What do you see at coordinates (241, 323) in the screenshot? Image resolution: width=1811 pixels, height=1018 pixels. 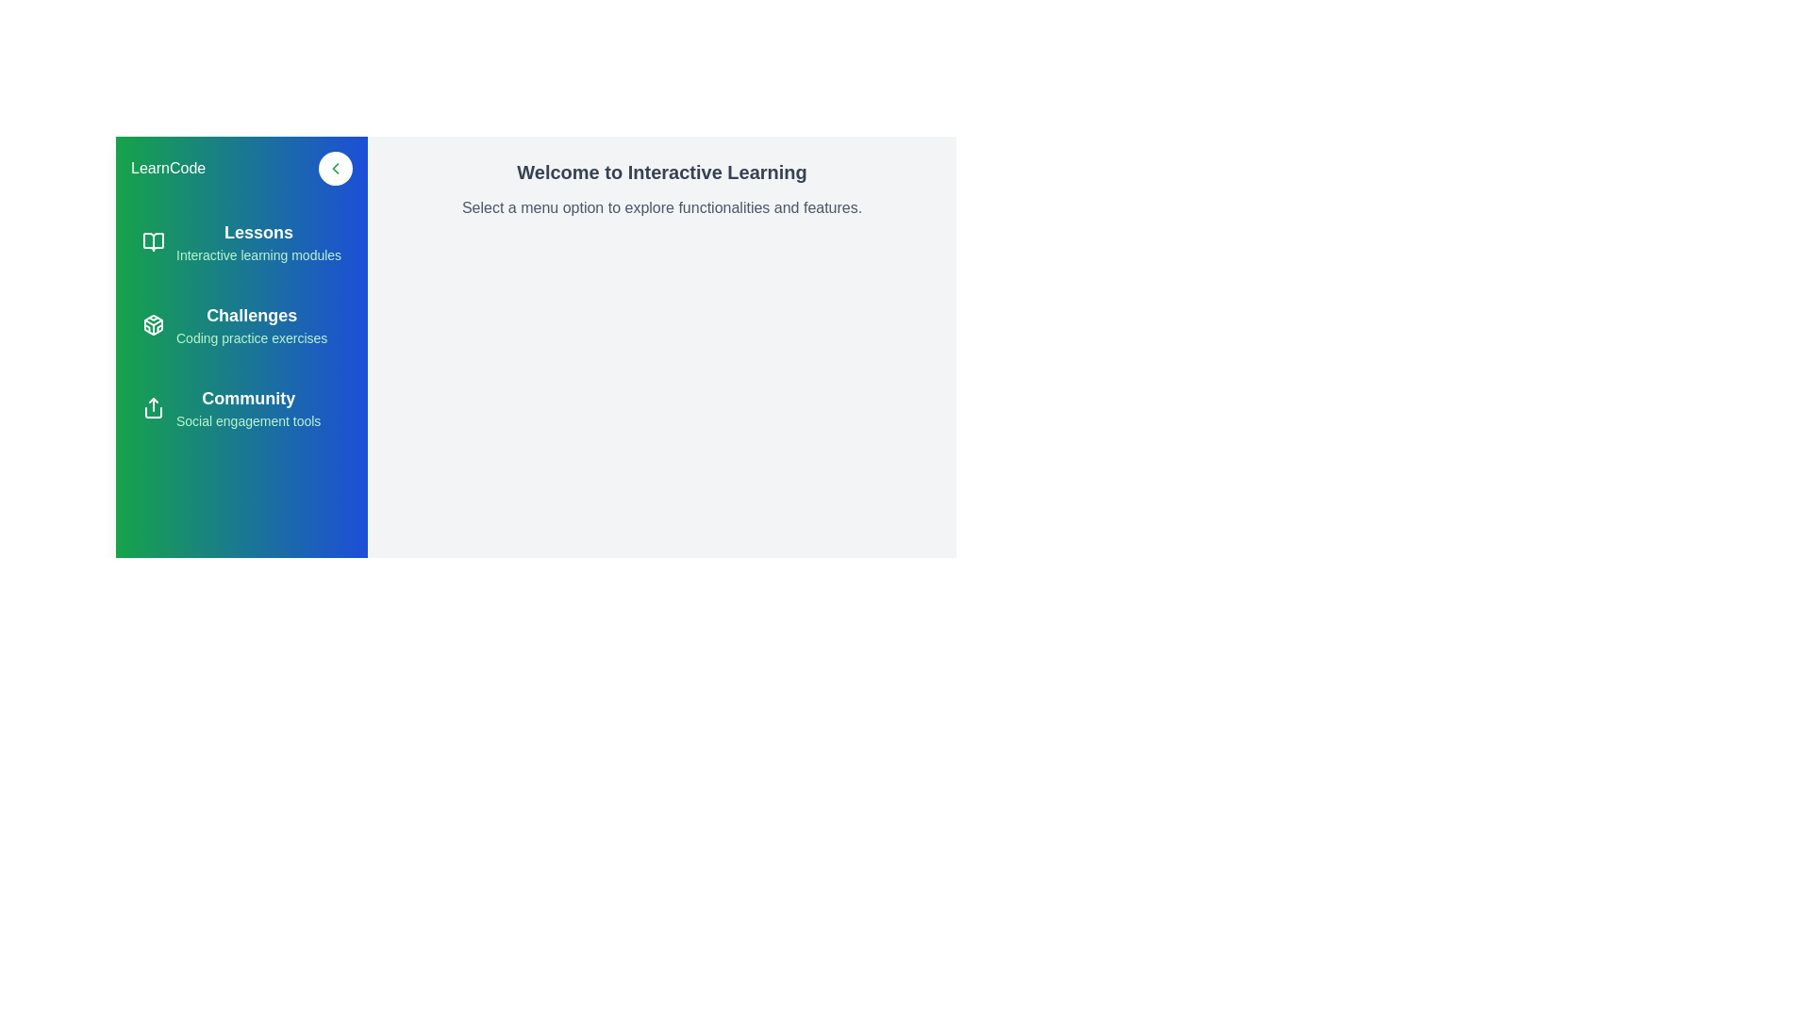 I see `the section corresponding to Challenges` at bounding box center [241, 323].